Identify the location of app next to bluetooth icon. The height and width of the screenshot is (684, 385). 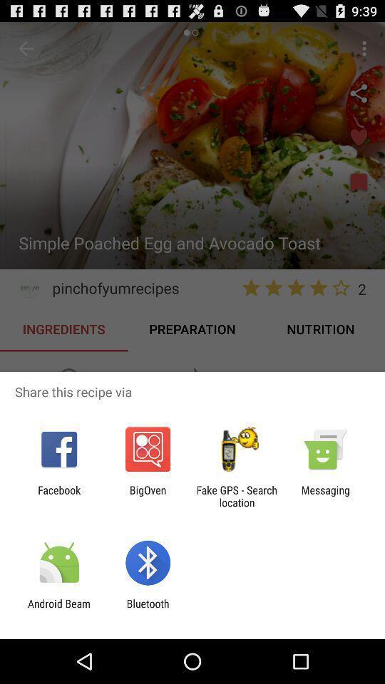
(58, 609).